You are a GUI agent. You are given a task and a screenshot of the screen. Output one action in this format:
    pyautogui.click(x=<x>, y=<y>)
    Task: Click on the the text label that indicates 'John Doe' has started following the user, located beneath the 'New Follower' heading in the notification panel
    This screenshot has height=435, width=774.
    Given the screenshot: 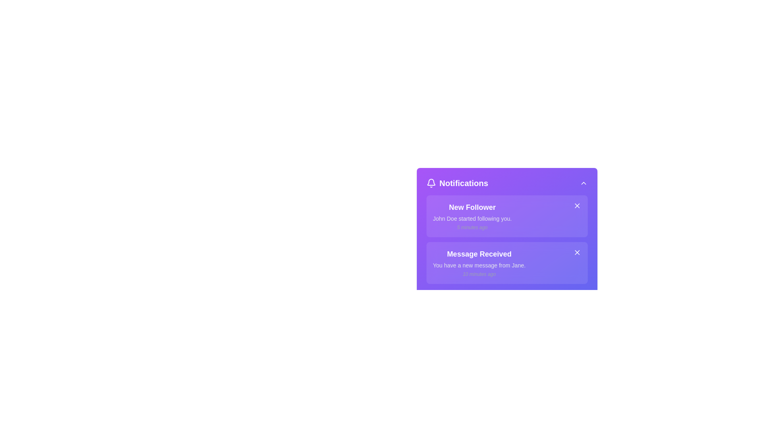 What is the action you would take?
    pyautogui.click(x=472, y=219)
    